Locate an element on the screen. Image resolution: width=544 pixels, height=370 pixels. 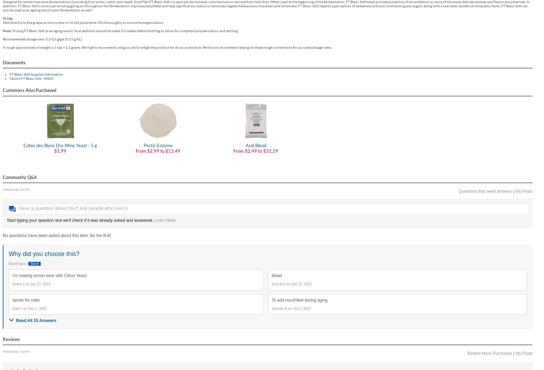
'To add mouthfeel during aging.' is located at coordinates (300, 300).